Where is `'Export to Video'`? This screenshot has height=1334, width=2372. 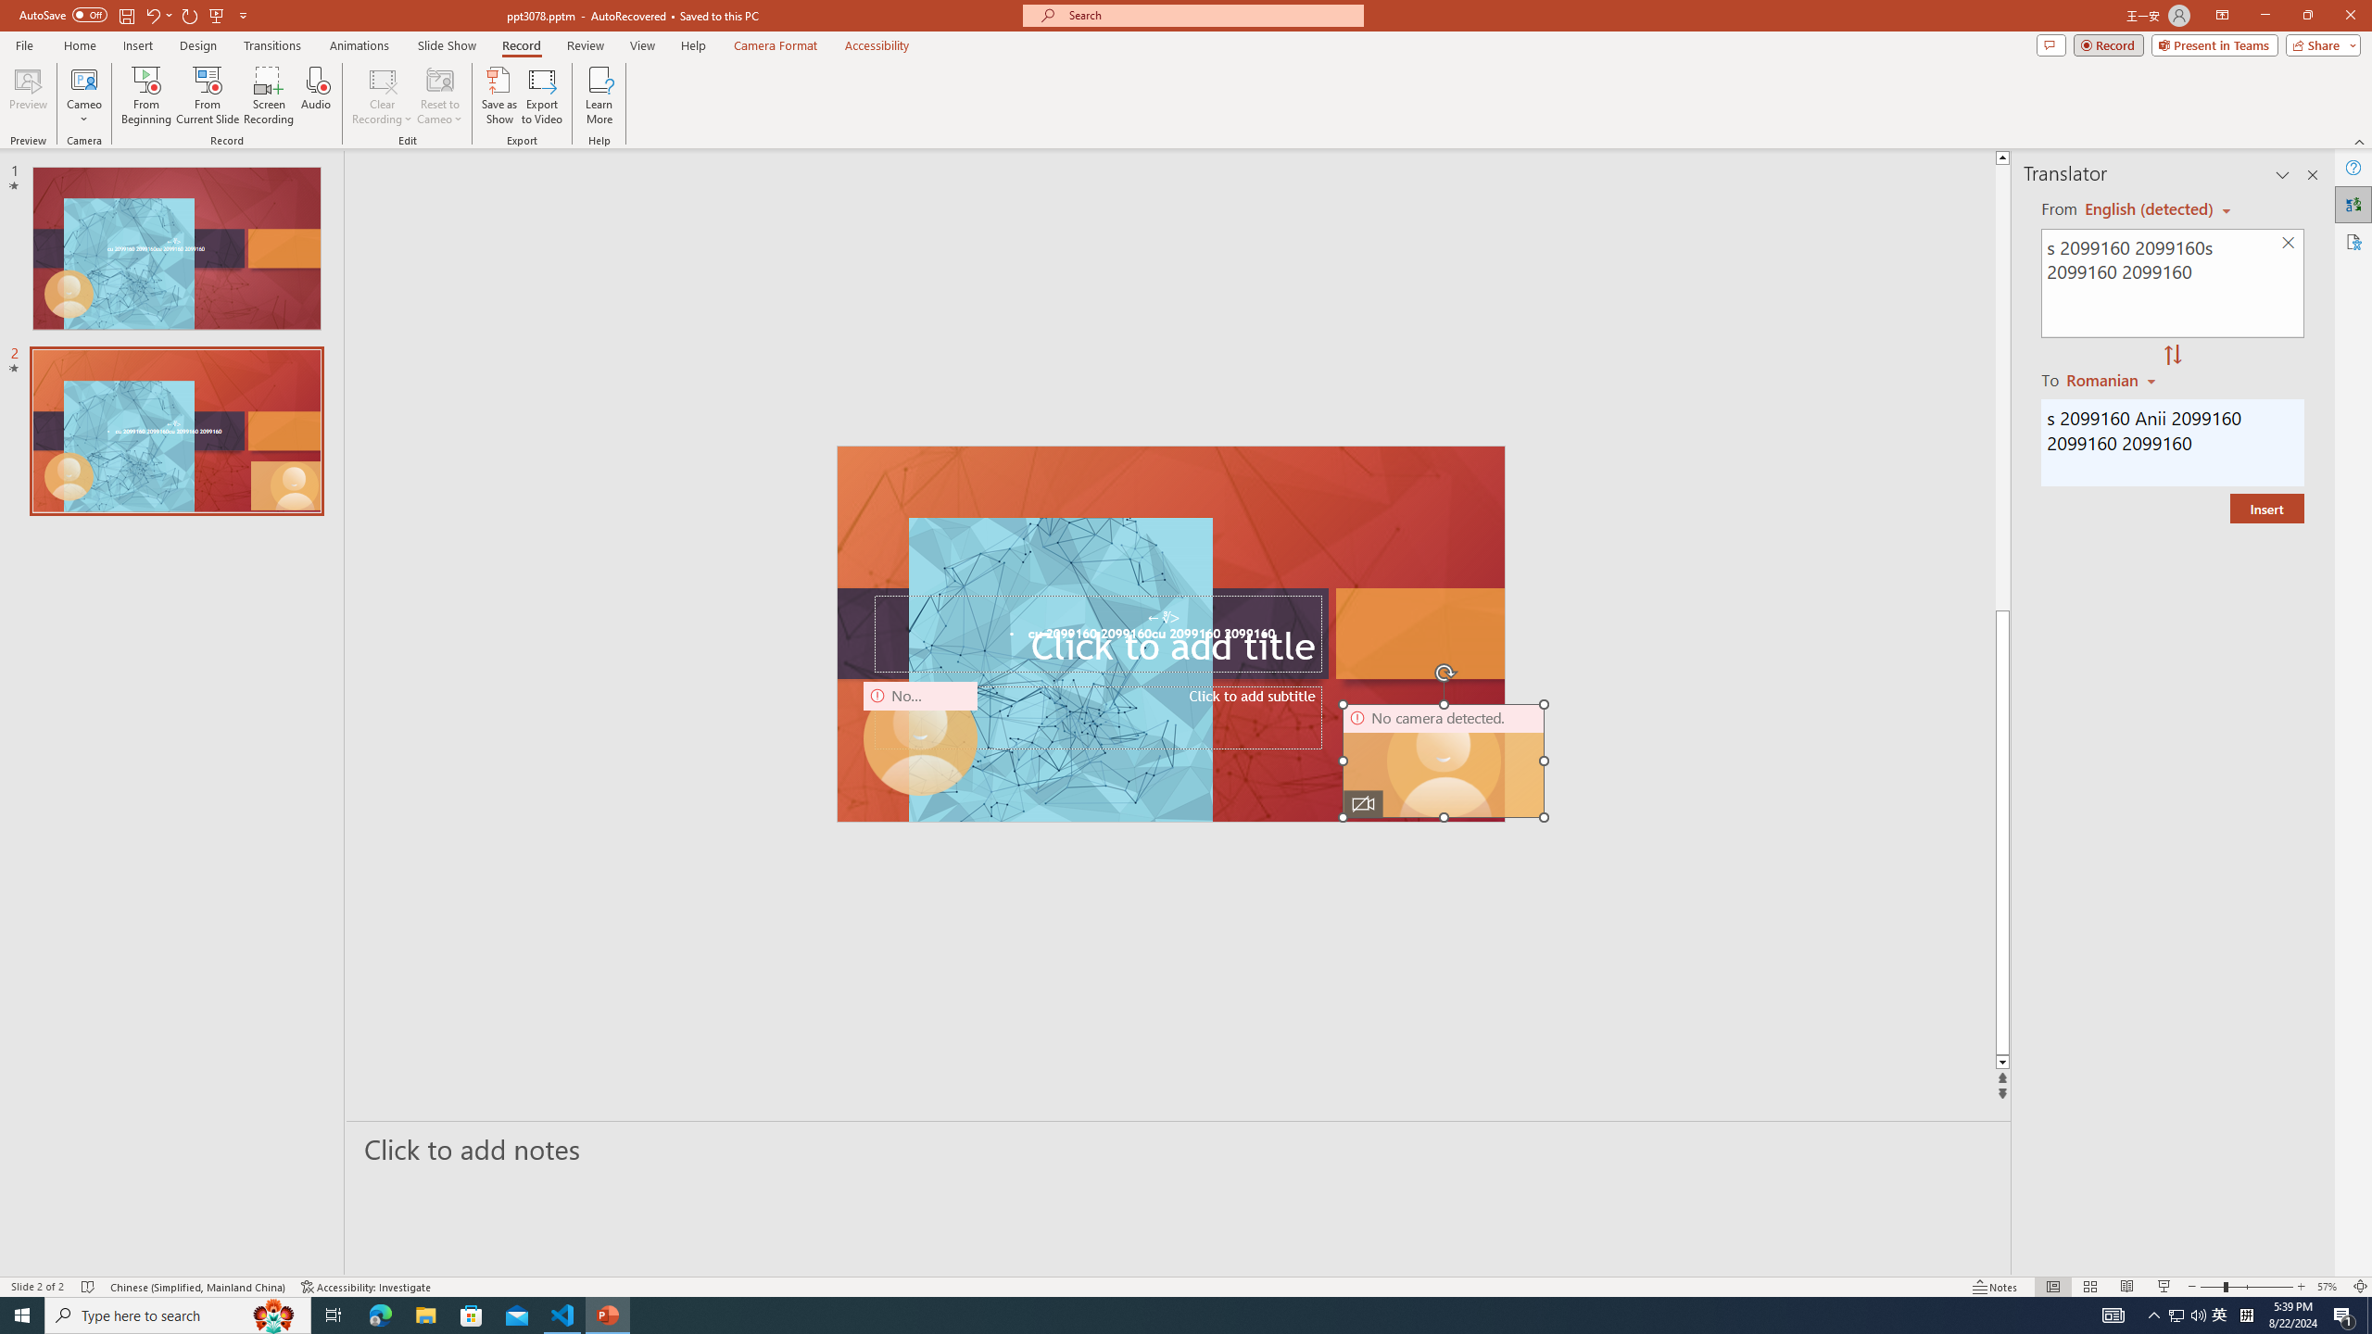 'Export to Video' is located at coordinates (540, 95).